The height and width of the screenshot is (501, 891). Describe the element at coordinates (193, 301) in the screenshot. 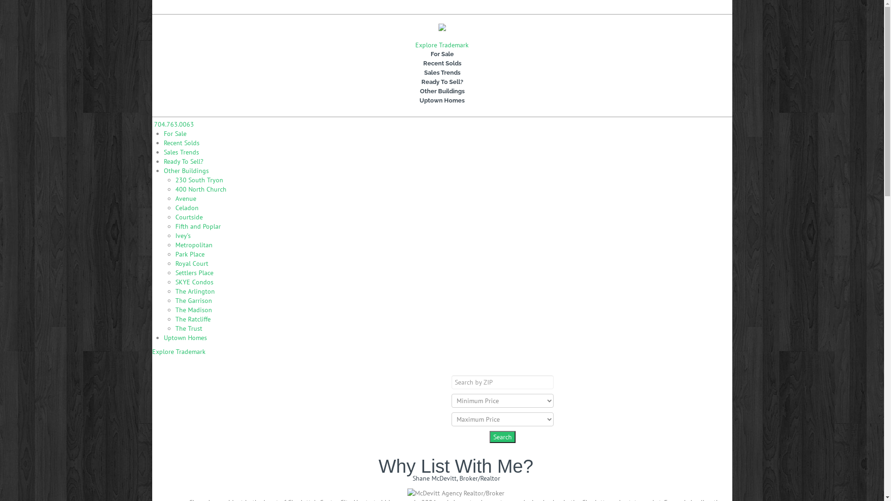

I see `'The Garrison'` at that location.